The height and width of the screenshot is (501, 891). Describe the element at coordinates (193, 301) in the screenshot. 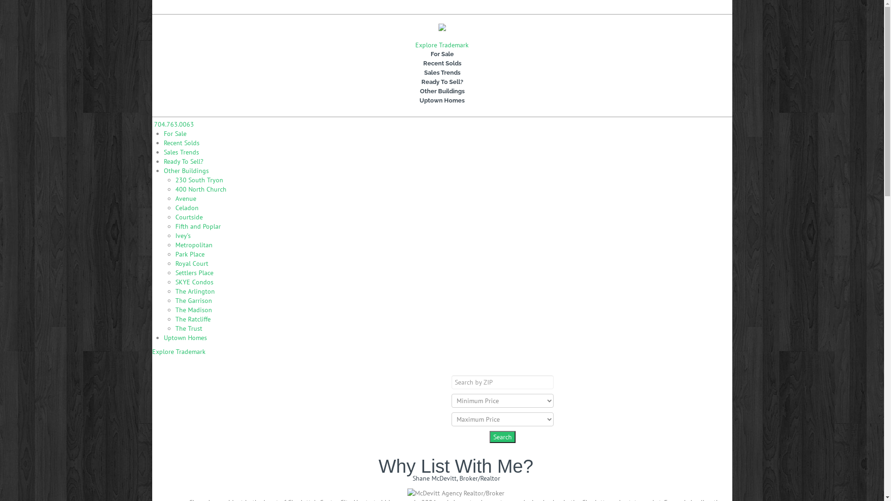

I see `'The Garrison'` at that location.